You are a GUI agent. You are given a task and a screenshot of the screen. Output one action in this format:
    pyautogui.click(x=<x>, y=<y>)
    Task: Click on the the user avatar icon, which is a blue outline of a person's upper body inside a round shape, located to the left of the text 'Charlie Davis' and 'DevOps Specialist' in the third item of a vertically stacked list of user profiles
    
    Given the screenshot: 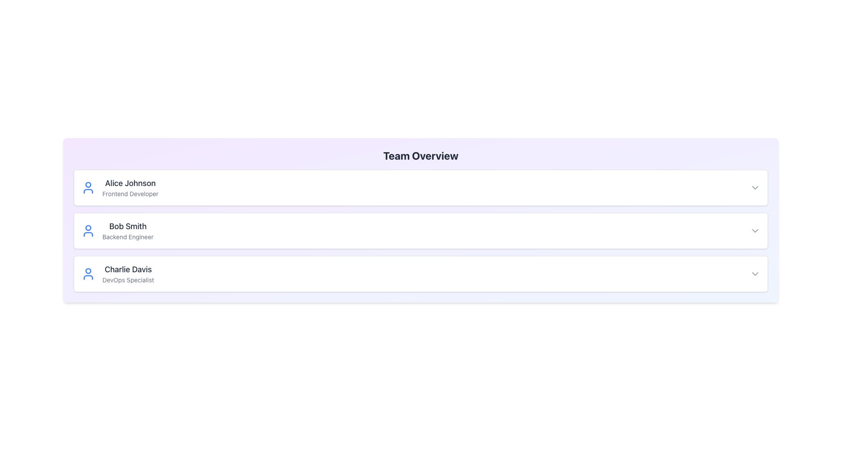 What is the action you would take?
    pyautogui.click(x=88, y=274)
    